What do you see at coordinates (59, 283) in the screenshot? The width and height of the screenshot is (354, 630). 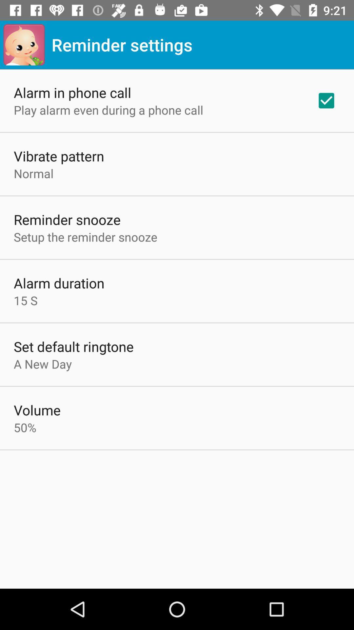 I see `alarm duration item` at bounding box center [59, 283].